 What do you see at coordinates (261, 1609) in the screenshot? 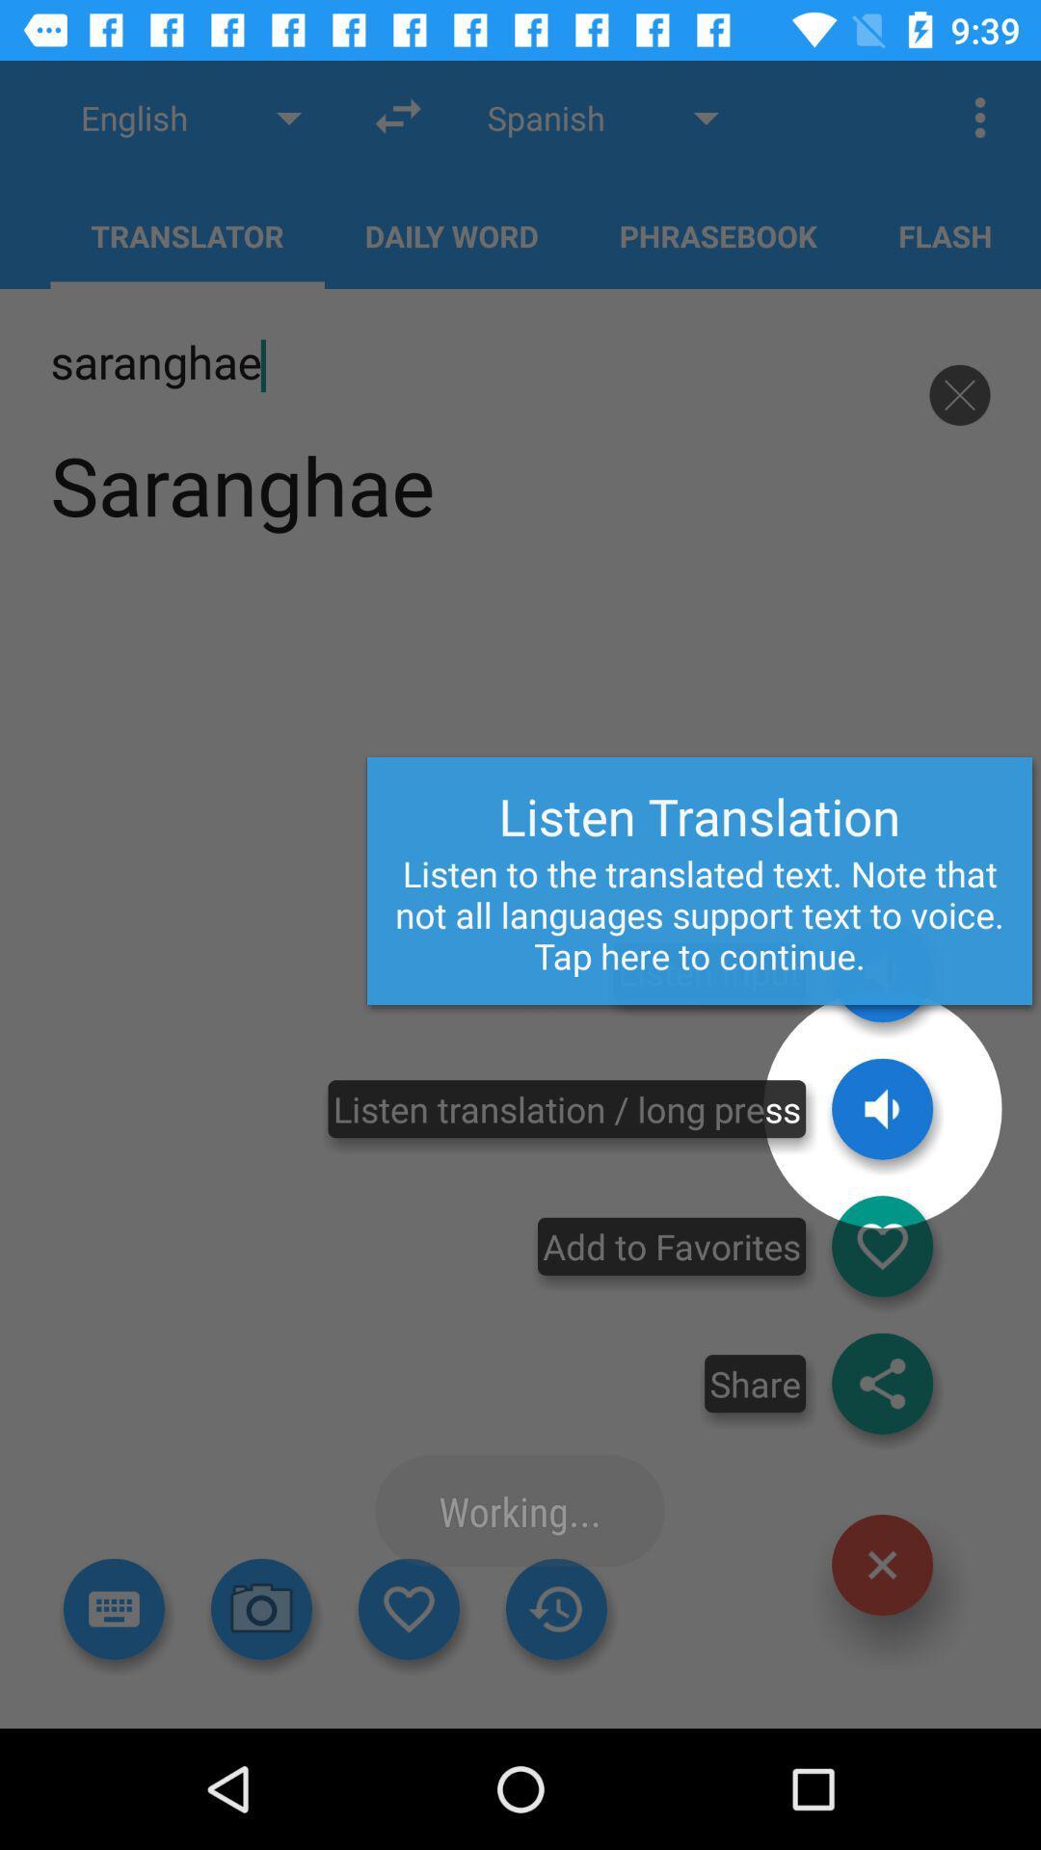
I see `the photo icon` at bounding box center [261, 1609].